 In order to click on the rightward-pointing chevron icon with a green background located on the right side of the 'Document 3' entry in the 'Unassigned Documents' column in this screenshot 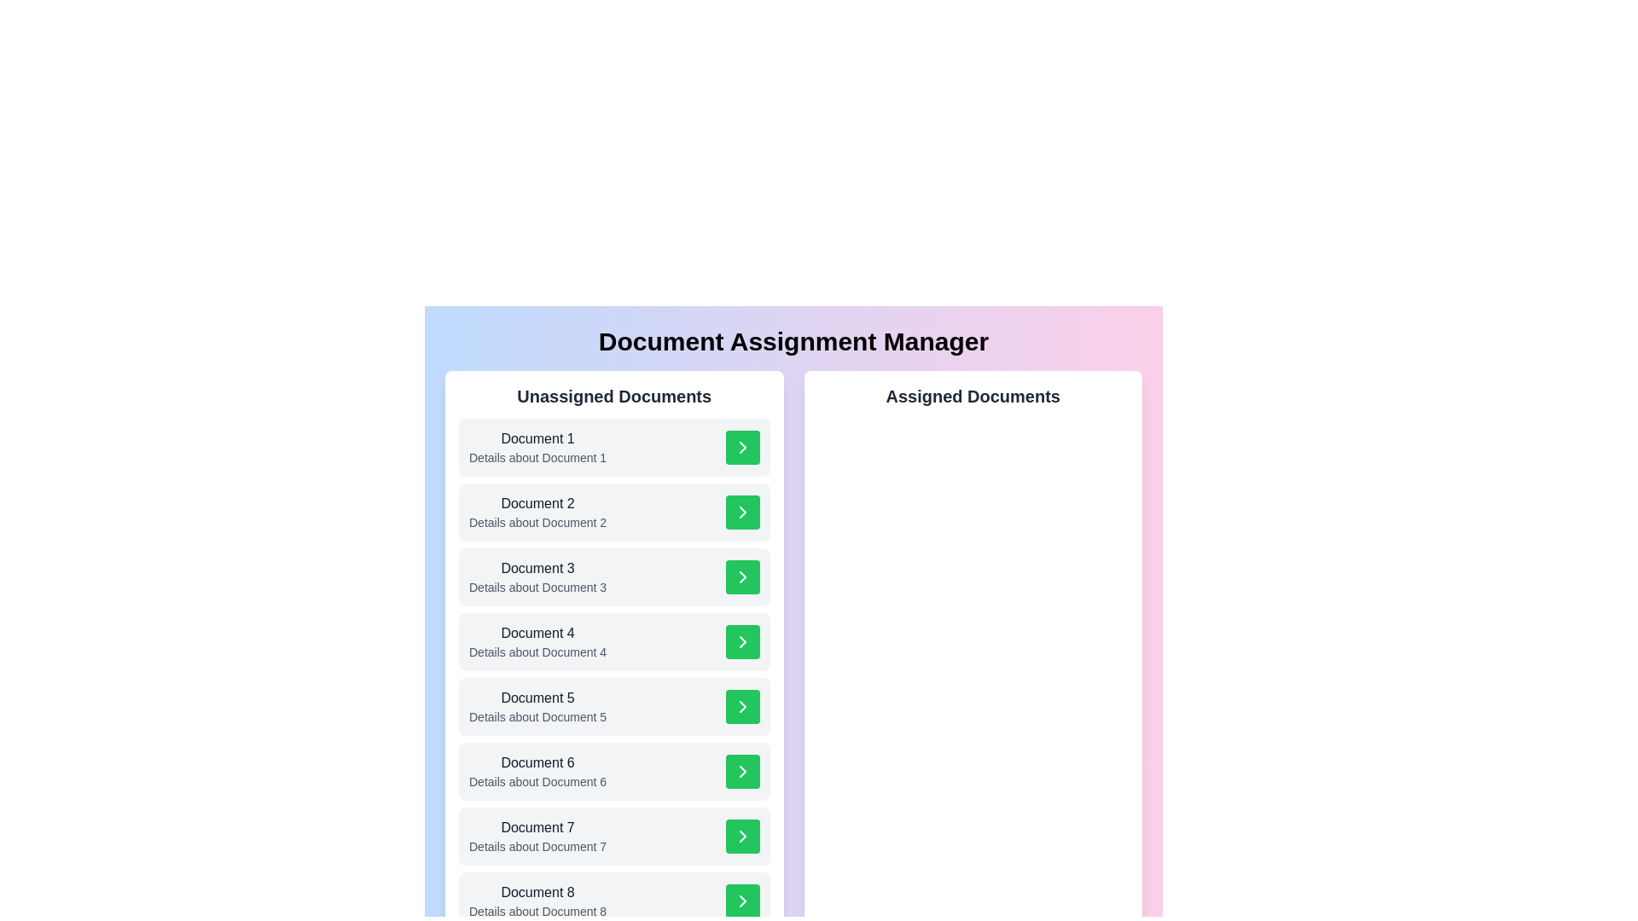, I will do `click(742, 576)`.